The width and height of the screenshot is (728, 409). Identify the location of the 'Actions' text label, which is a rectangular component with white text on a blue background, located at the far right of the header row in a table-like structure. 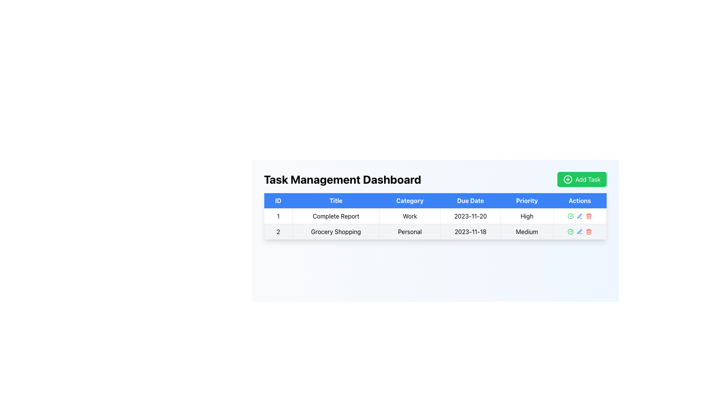
(579, 200).